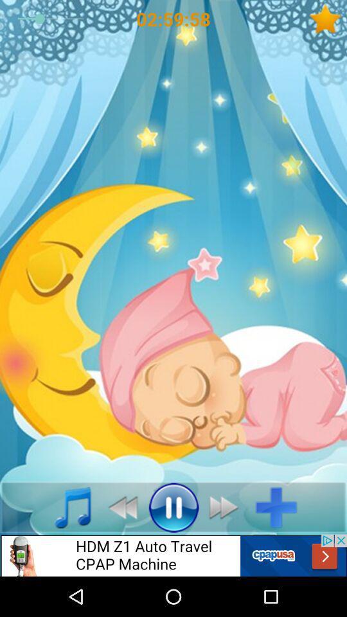 Image resolution: width=347 pixels, height=617 pixels. Describe the element at coordinates (227, 507) in the screenshot. I see `the av_forward icon` at that location.